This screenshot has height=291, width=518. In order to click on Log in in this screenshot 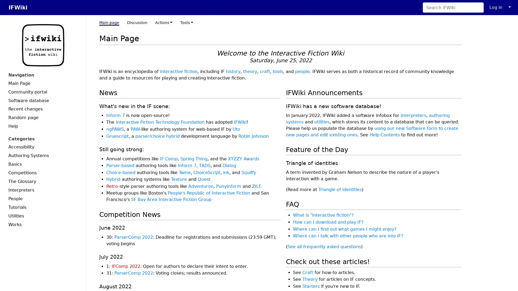, I will do `click(496, 7)`.